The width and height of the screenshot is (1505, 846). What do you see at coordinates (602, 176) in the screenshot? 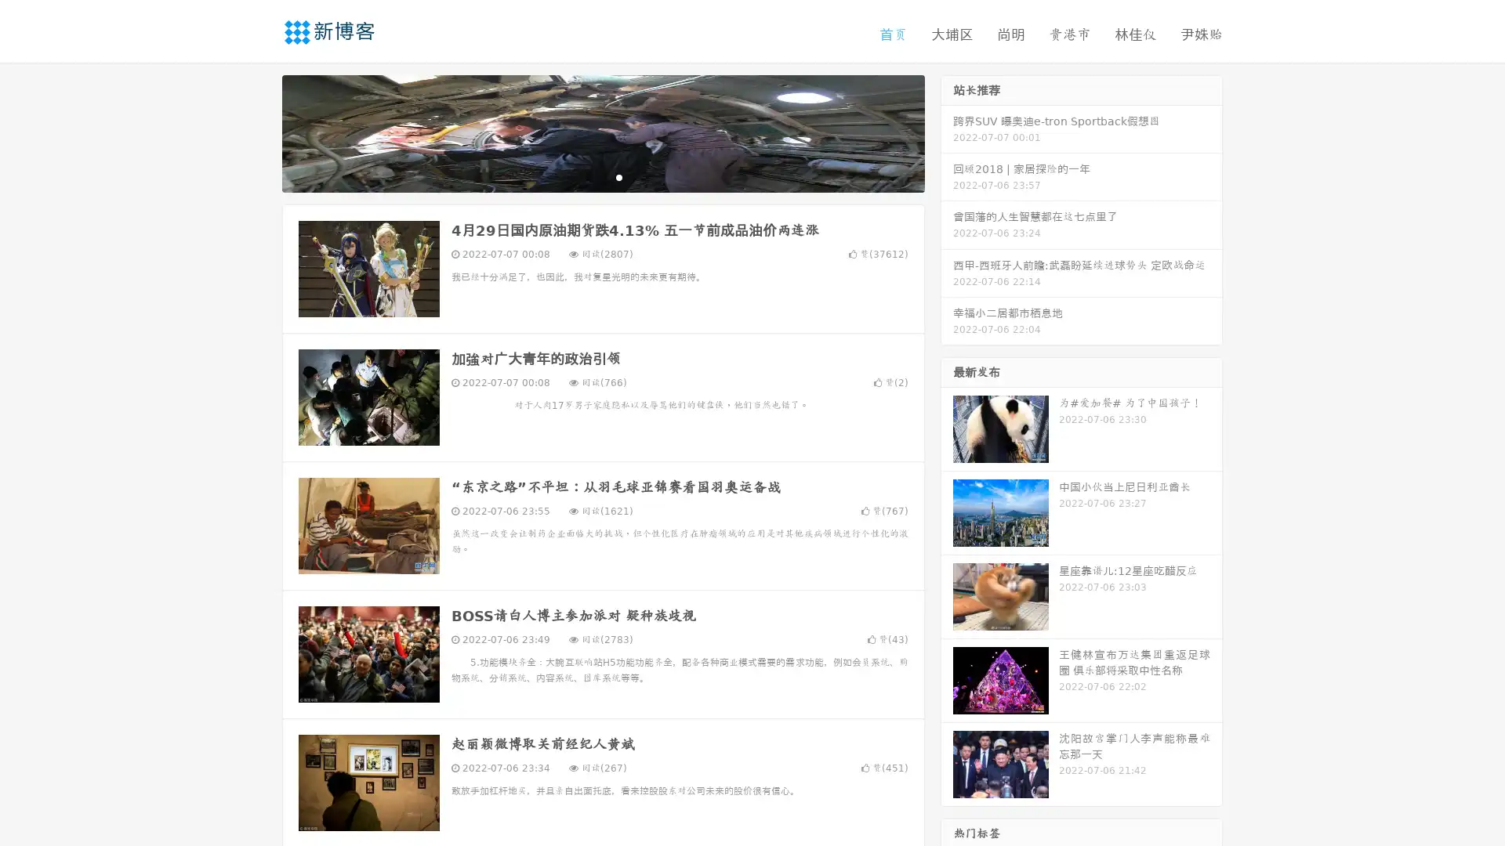
I see `Go to slide 2` at bounding box center [602, 176].